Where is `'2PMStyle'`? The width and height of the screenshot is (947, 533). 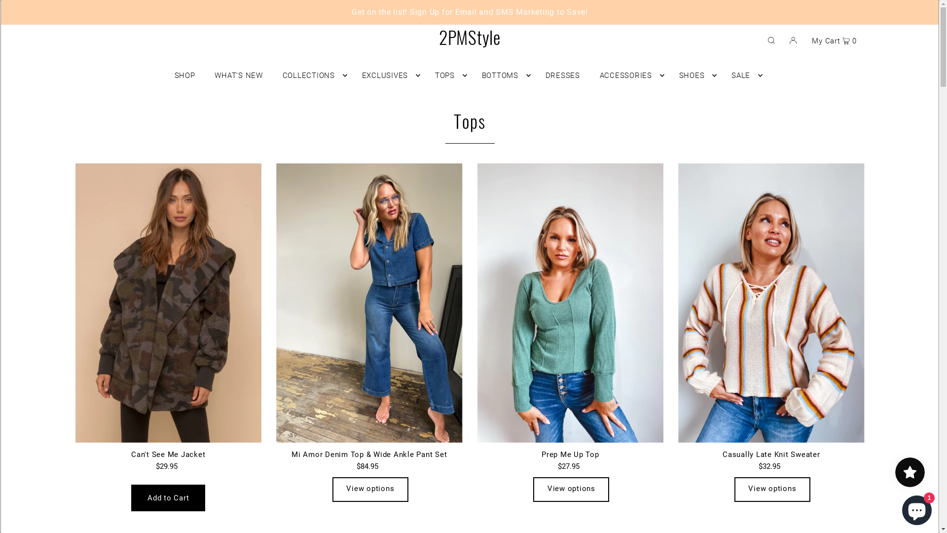
'2PMStyle' is located at coordinates (469, 36).